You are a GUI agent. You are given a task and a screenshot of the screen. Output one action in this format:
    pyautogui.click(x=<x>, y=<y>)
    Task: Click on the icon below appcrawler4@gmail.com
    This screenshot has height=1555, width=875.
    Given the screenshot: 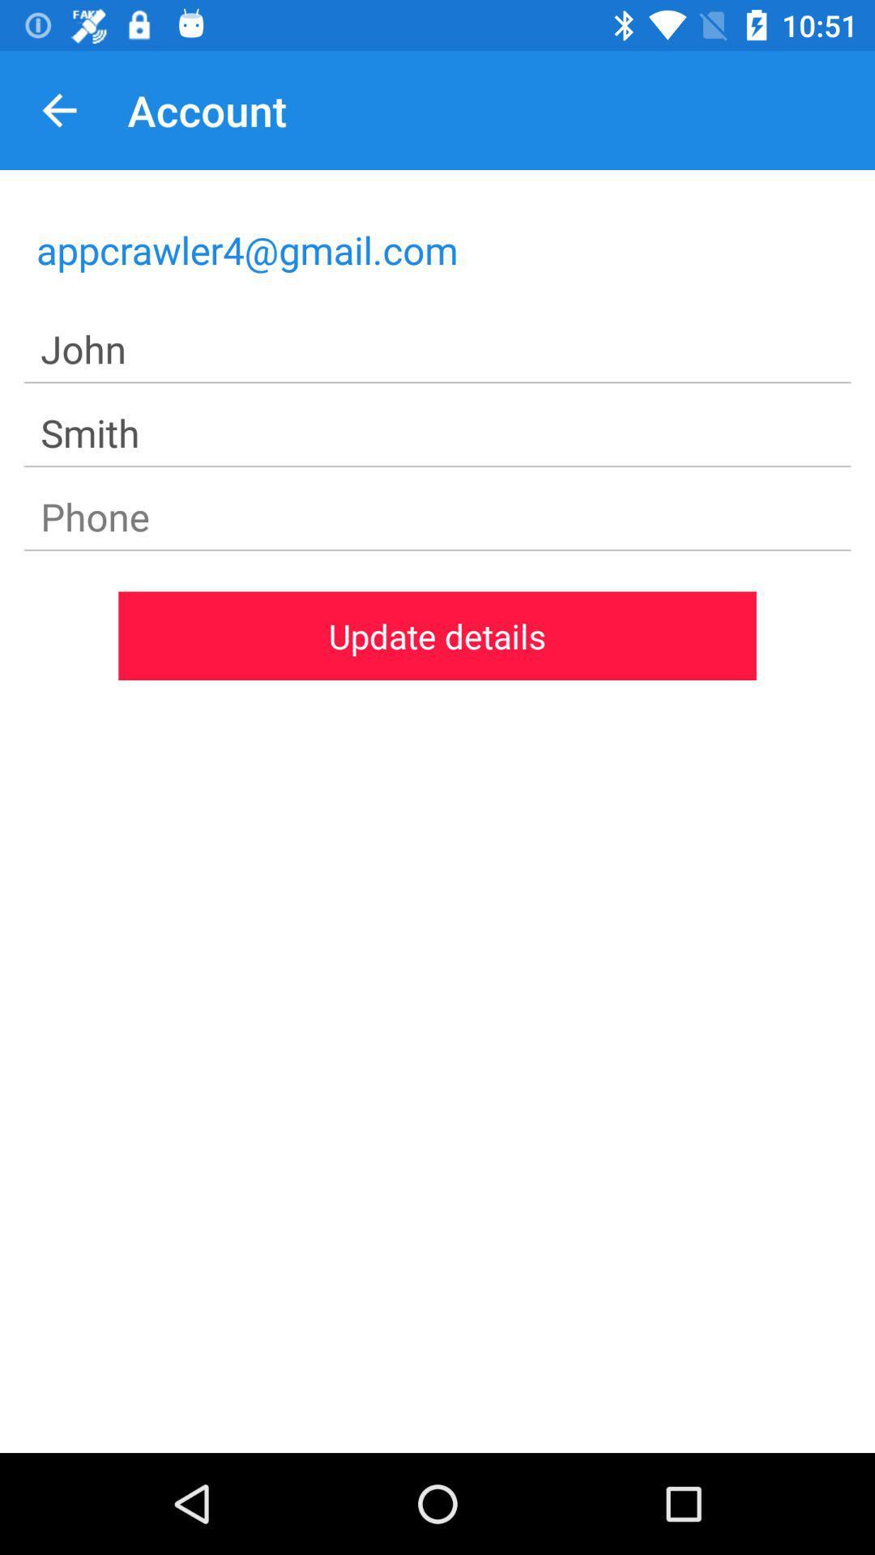 What is the action you would take?
    pyautogui.click(x=437, y=349)
    